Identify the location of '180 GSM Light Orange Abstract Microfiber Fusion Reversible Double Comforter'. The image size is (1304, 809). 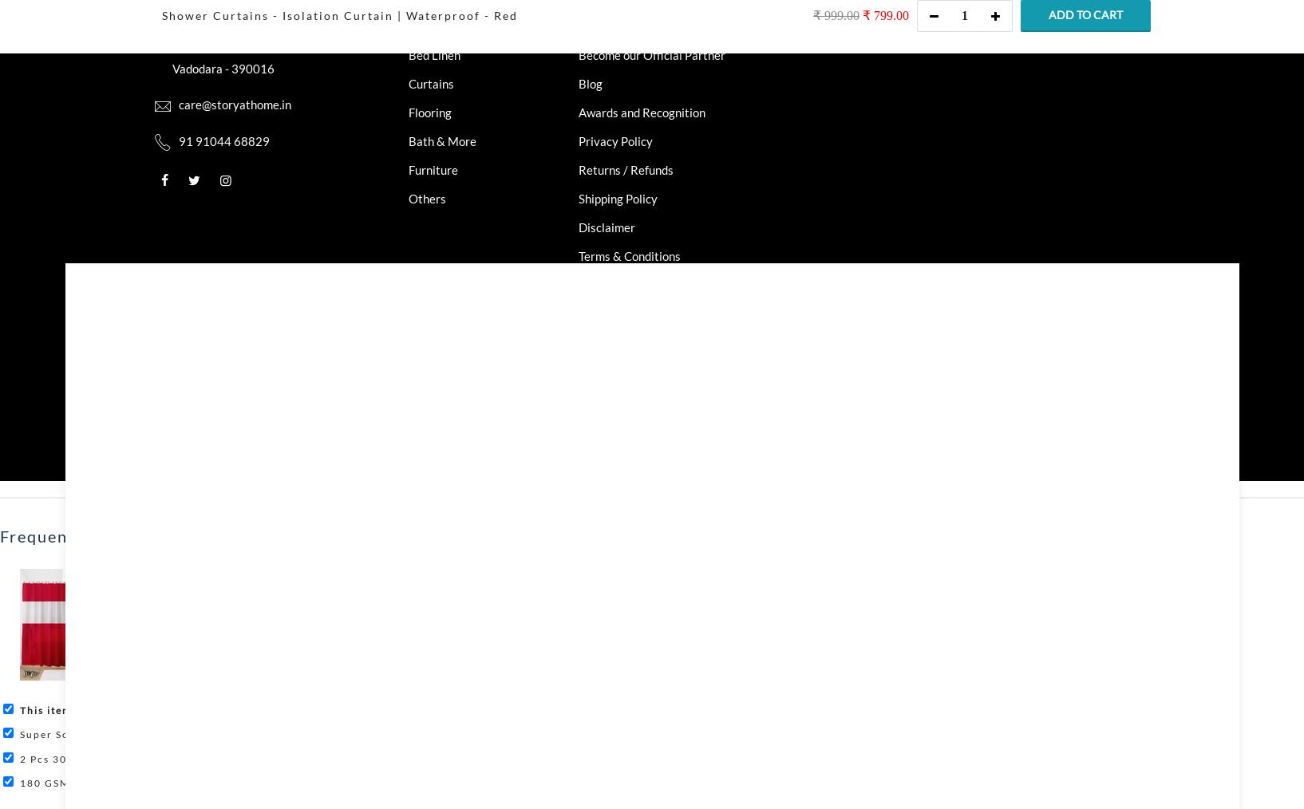
(247, 783).